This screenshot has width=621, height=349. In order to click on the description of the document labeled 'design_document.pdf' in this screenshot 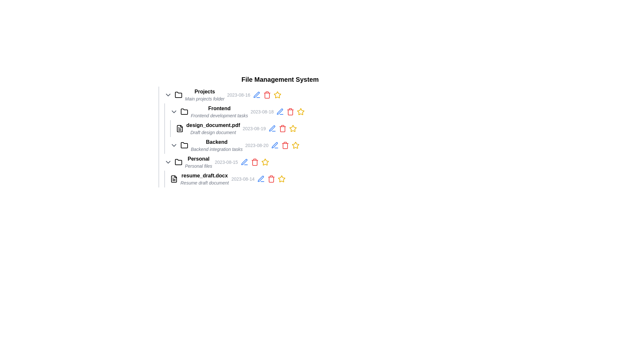, I will do `click(213, 128)`.